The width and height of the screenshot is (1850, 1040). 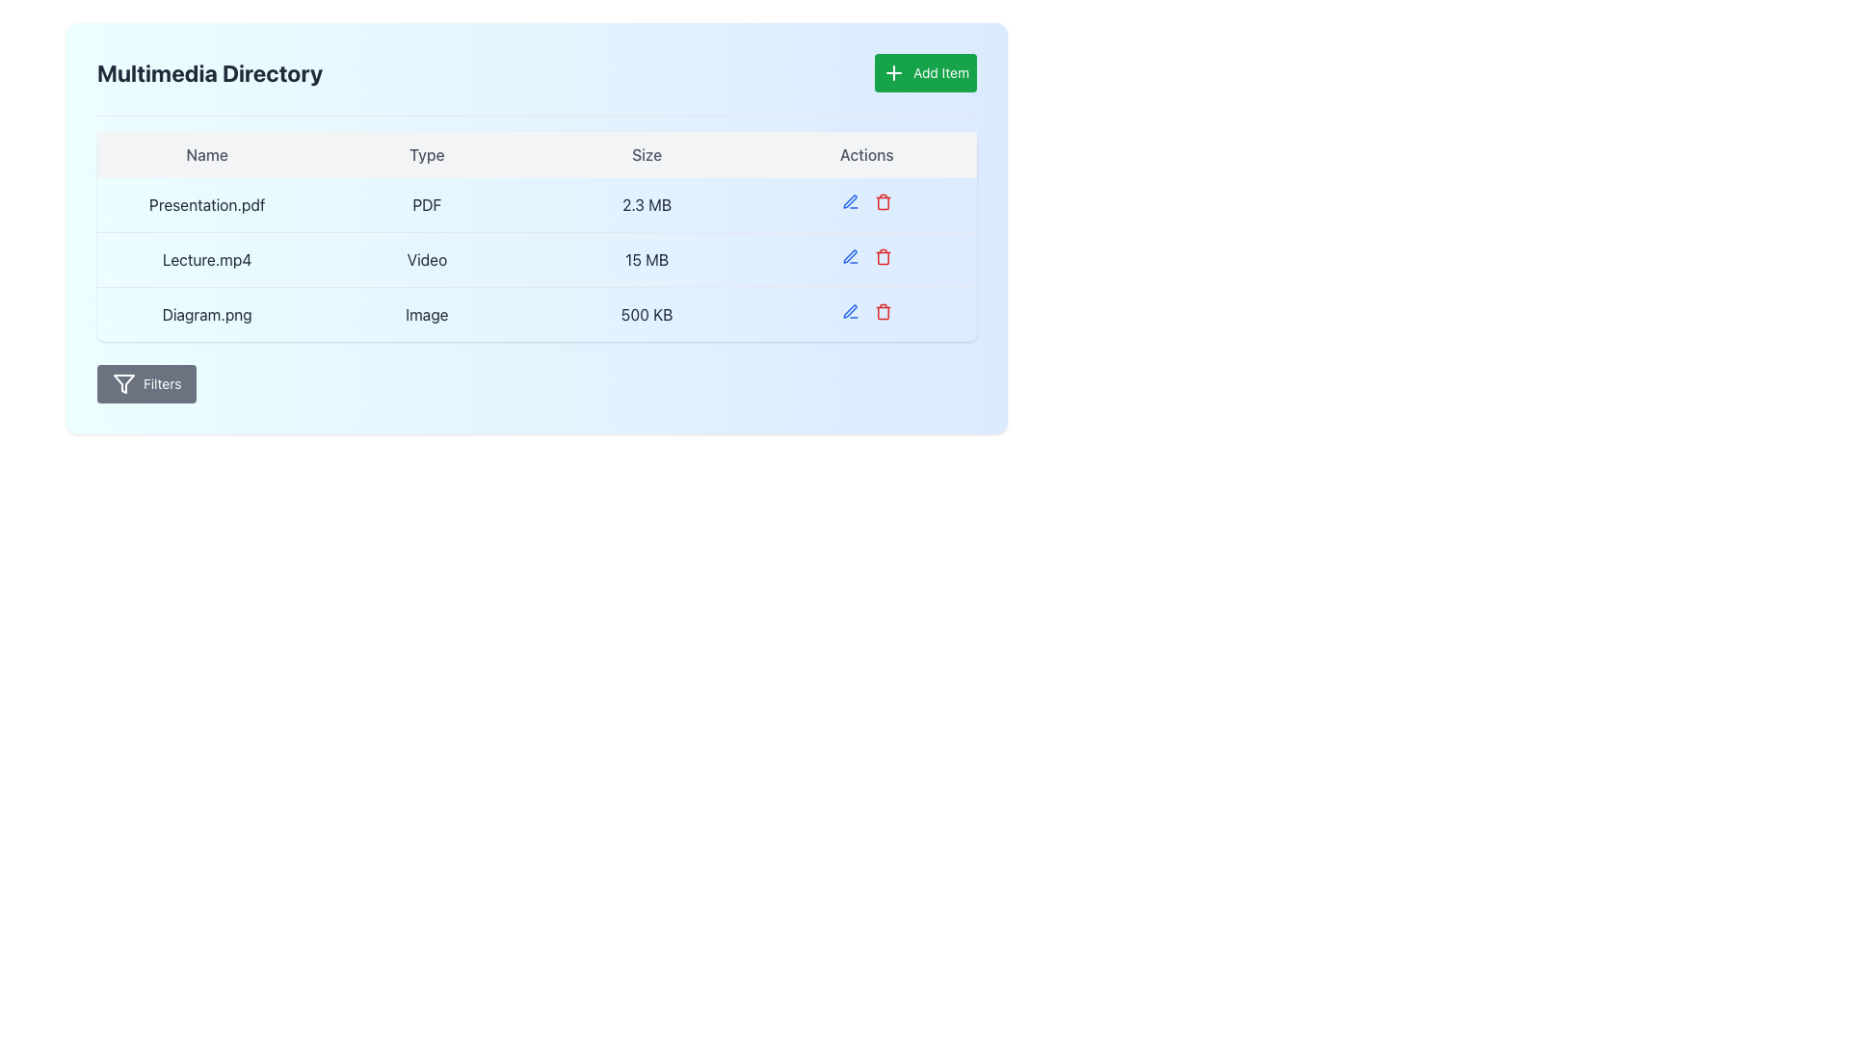 I want to click on the Decorative Icon that visually represents the action of adding an item, located to the left of the green button labeled 'Add Item', so click(x=893, y=72).